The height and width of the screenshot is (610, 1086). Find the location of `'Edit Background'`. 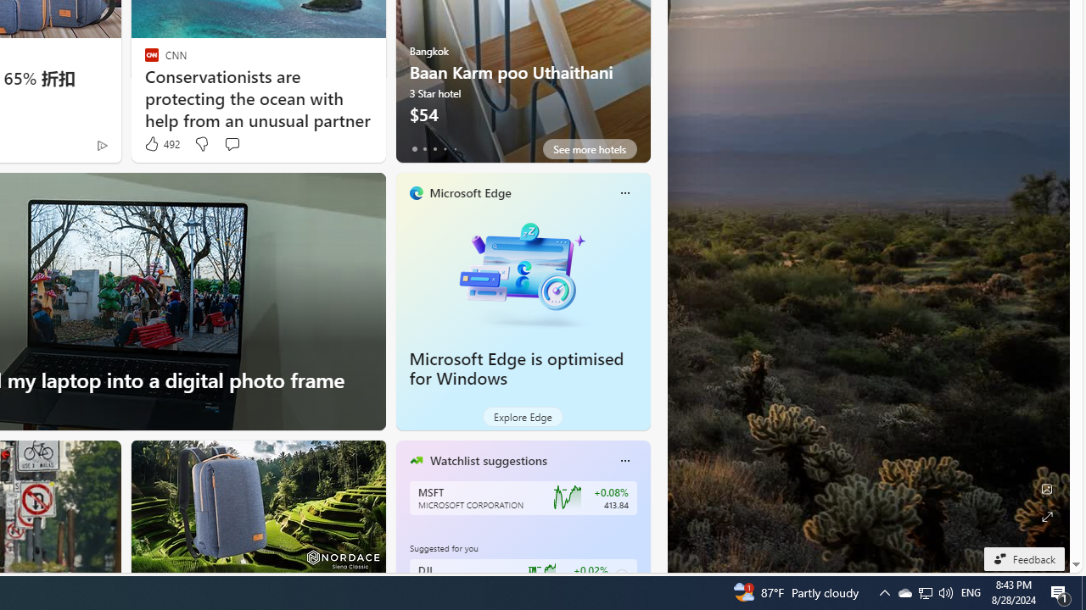

'Edit Background' is located at coordinates (1045, 489).